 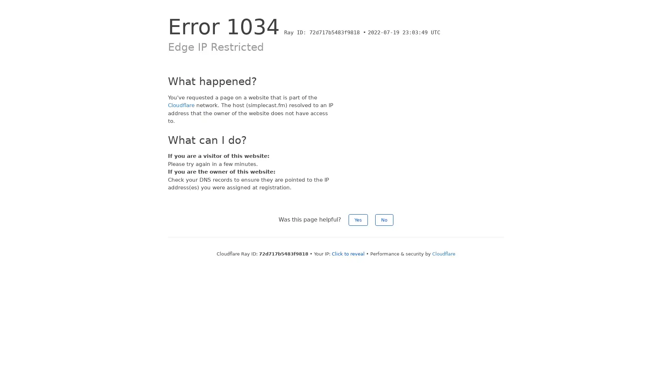 I want to click on No, so click(x=384, y=219).